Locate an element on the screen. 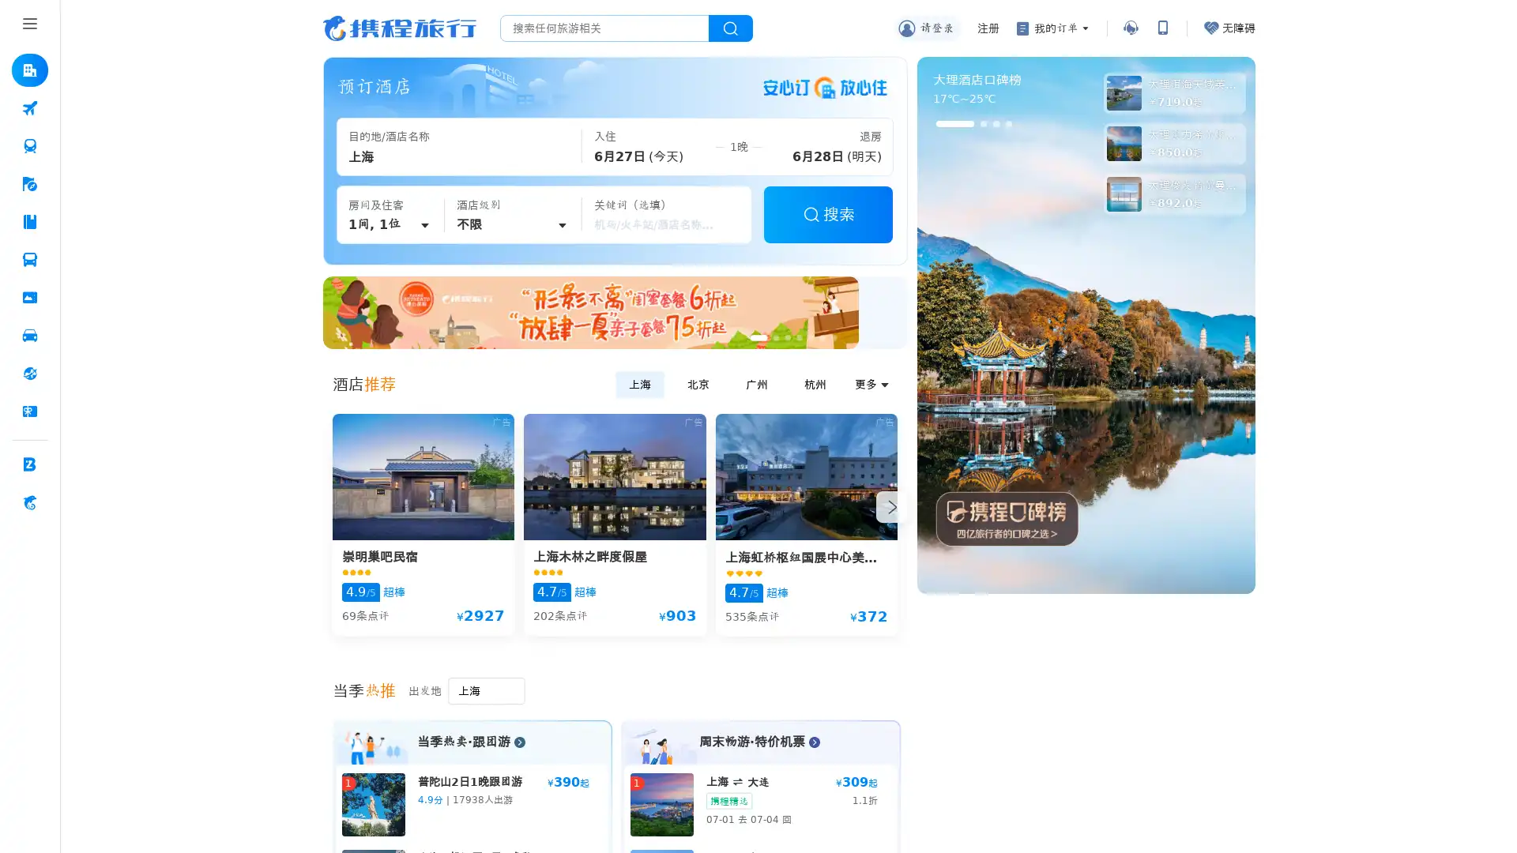  Go to slide 1 is located at coordinates (954, 123).